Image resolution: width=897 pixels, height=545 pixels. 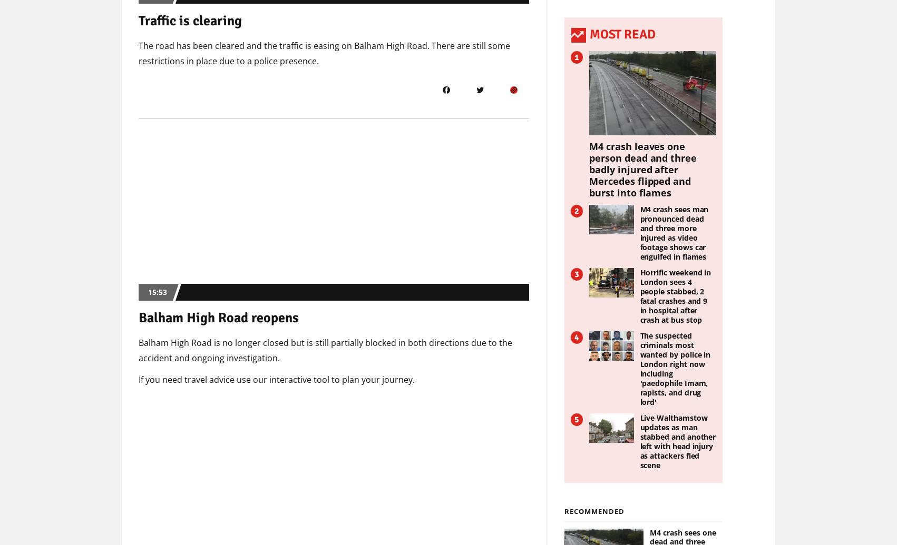 What do you see at coordinates (218, 318) in the screenshot?
I see `'Balham High Road reopens'` at bounding box center [218, 318].